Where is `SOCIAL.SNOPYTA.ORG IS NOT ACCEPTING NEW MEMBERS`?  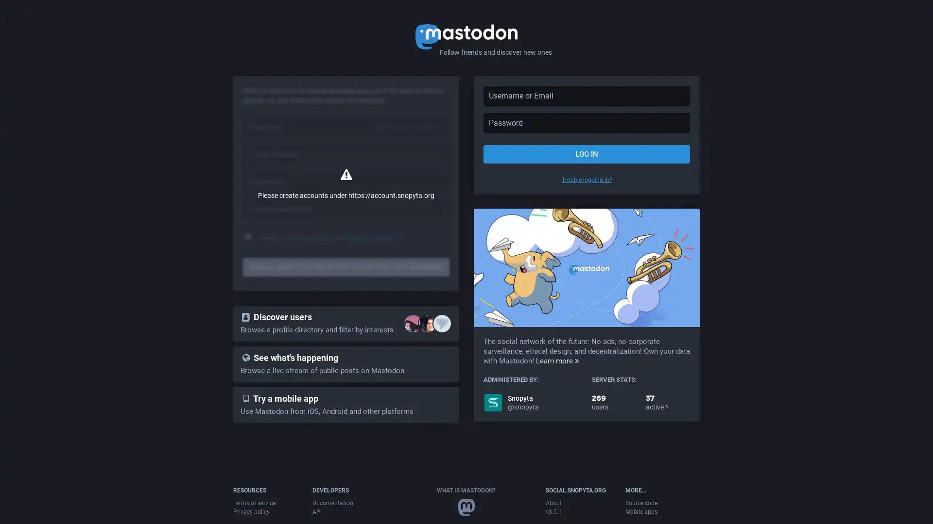
SOCIAL.SNOPYTA.ORG IS NOT ACCEPTING NEW MEMBERS is located at coordinates (346, 267).